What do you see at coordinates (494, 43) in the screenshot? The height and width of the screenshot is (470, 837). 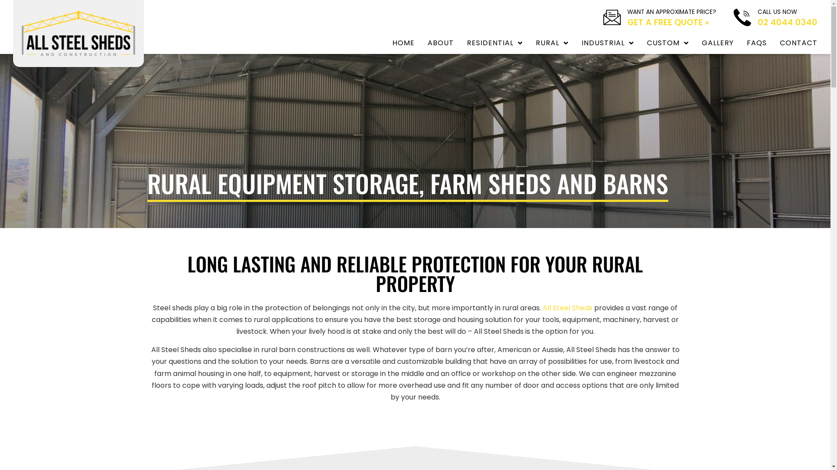 I see `'RESIDENTIAL'` at bounding box center [494, 43].